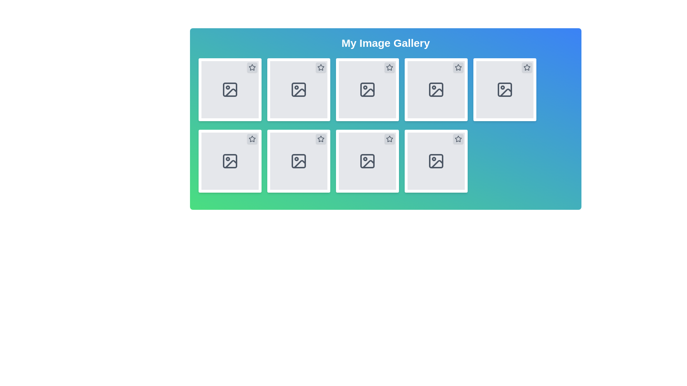 The image size is (687, 386). Describe the element at coordinates (527, 68) in the screenshot. I see `the interactive button at the top-right corner of the item tile in the gallery` at that location.